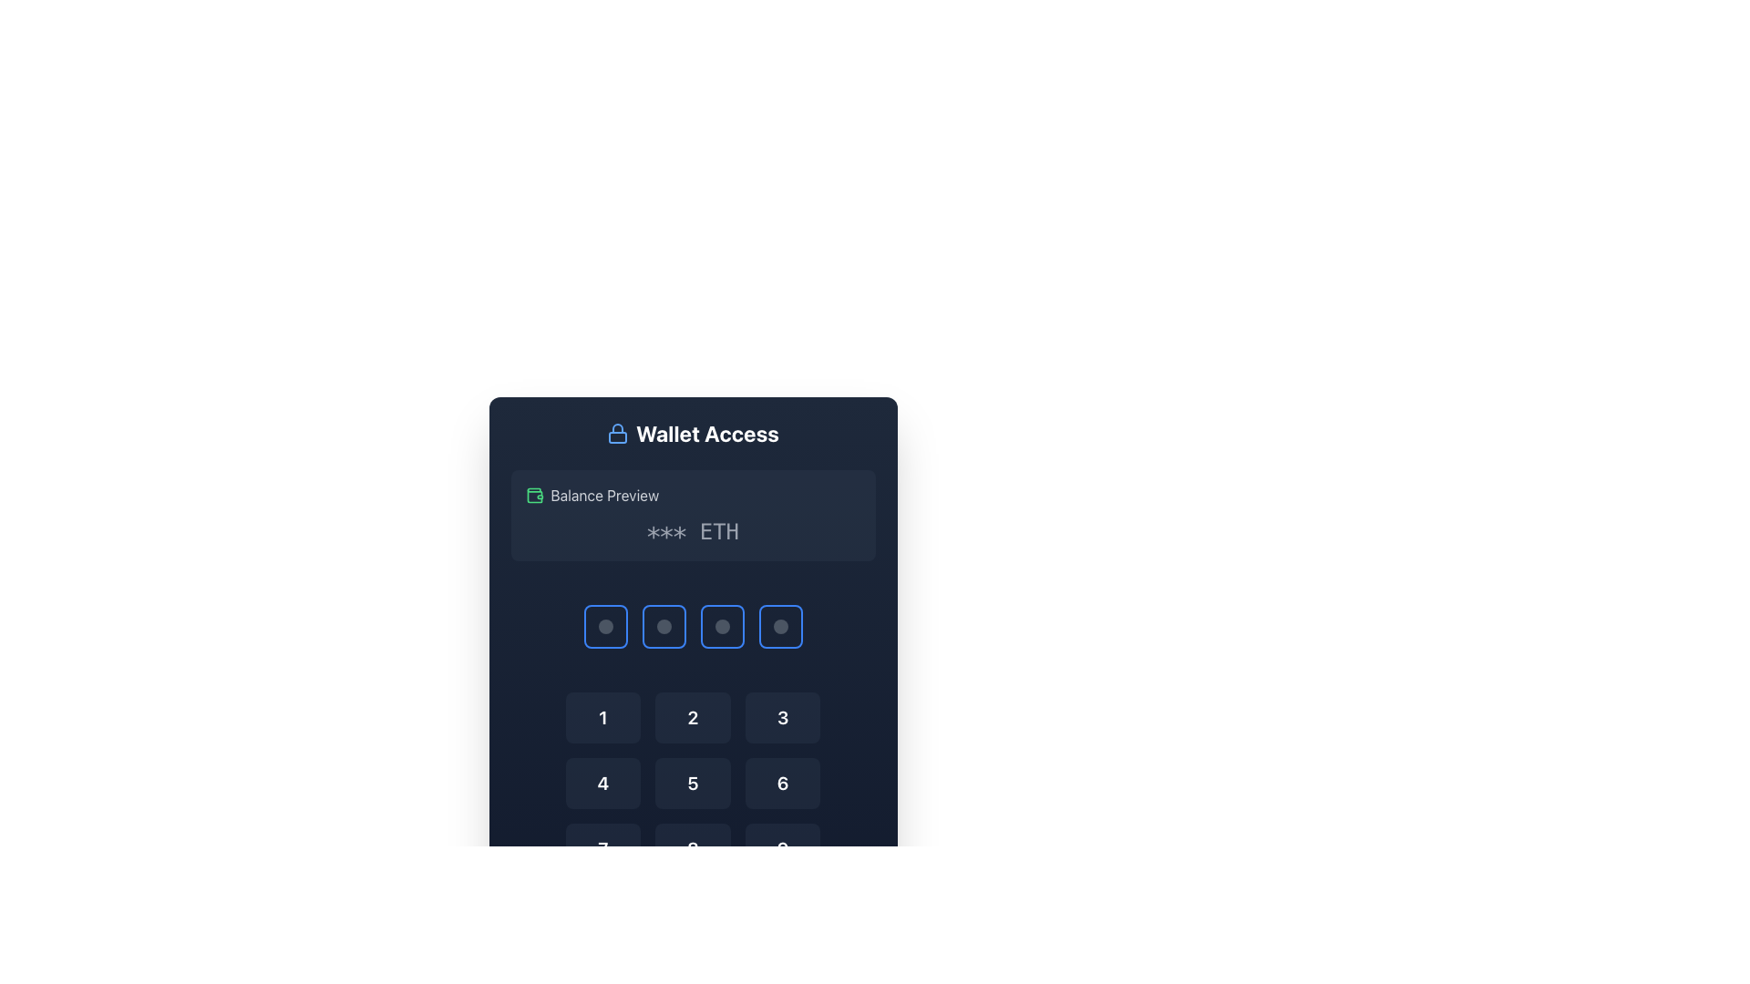  I want to click on the button displaying the number '6' which has a dark background and rounded corners, part of a numeric keypad layout, so click(783, 783).